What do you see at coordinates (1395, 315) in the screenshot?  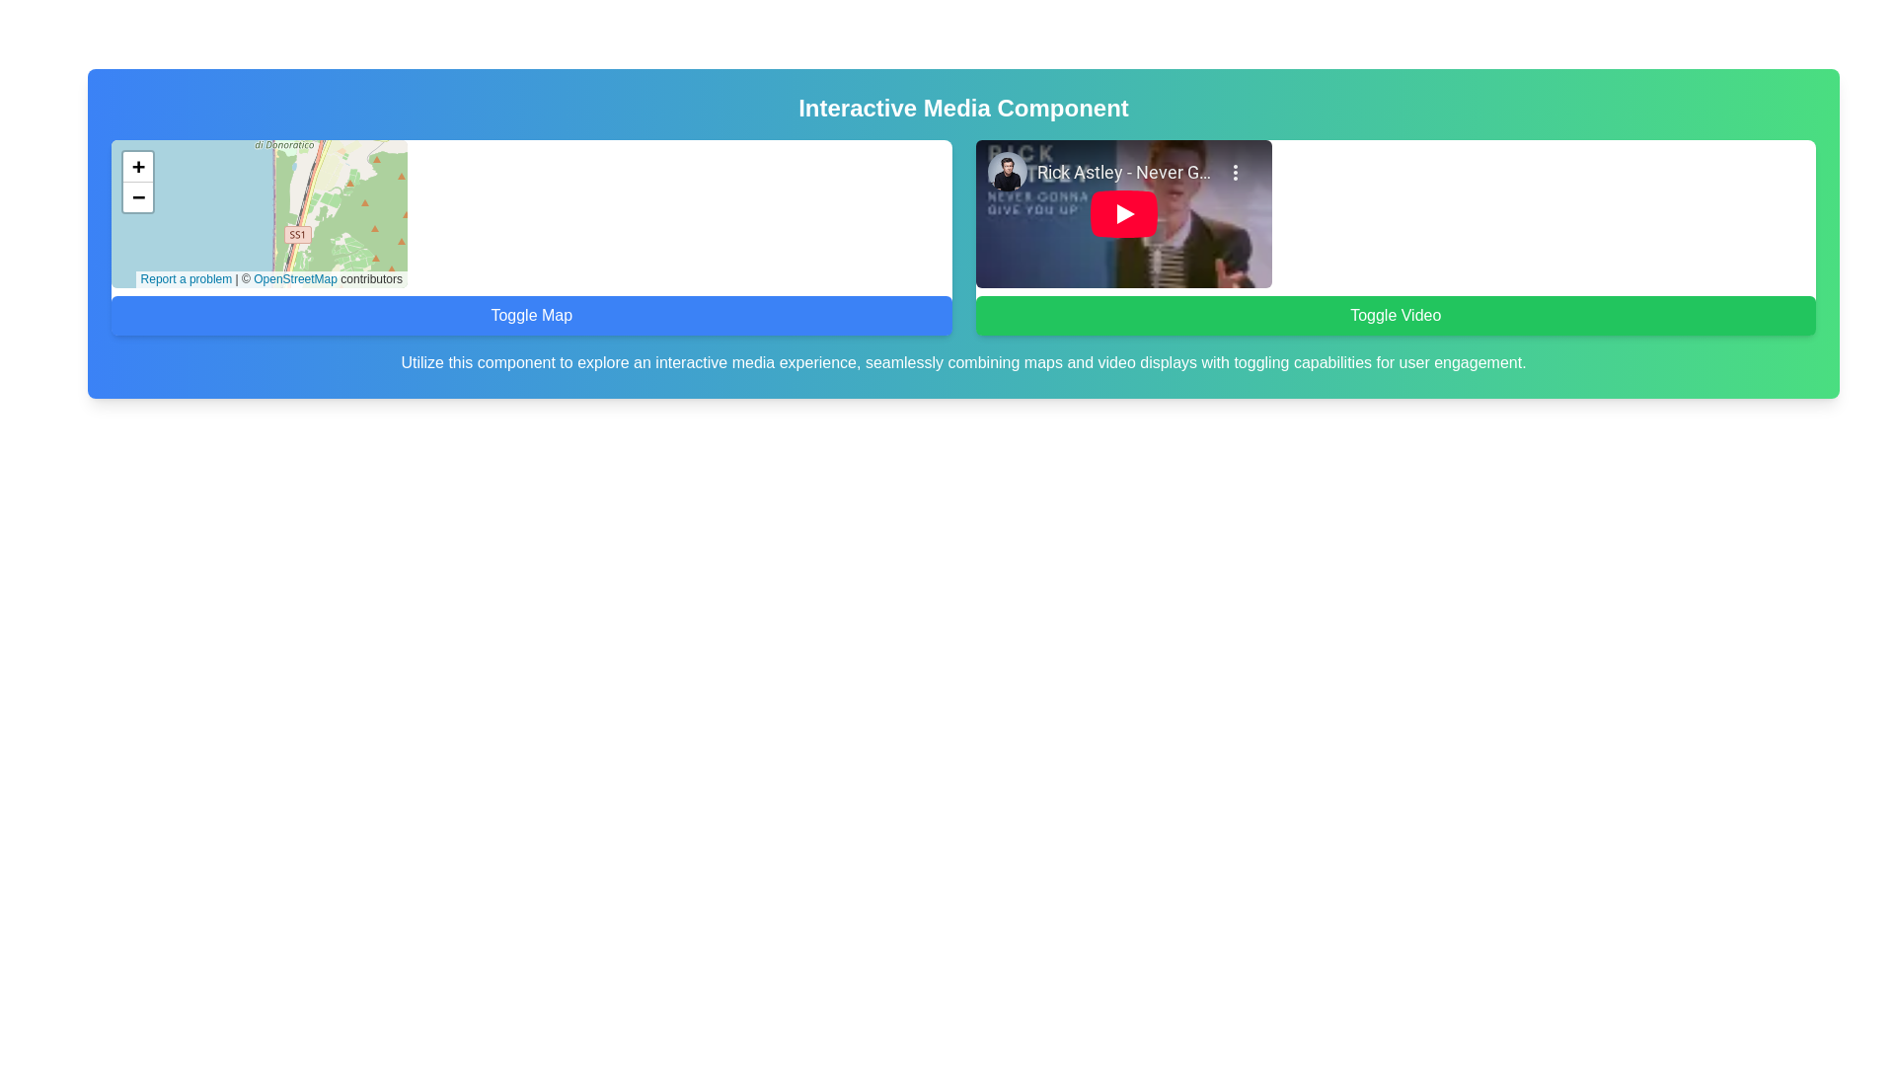 I see `the 'Toggle Video' button with a green background and white text` at bounding box center [1395, 315].